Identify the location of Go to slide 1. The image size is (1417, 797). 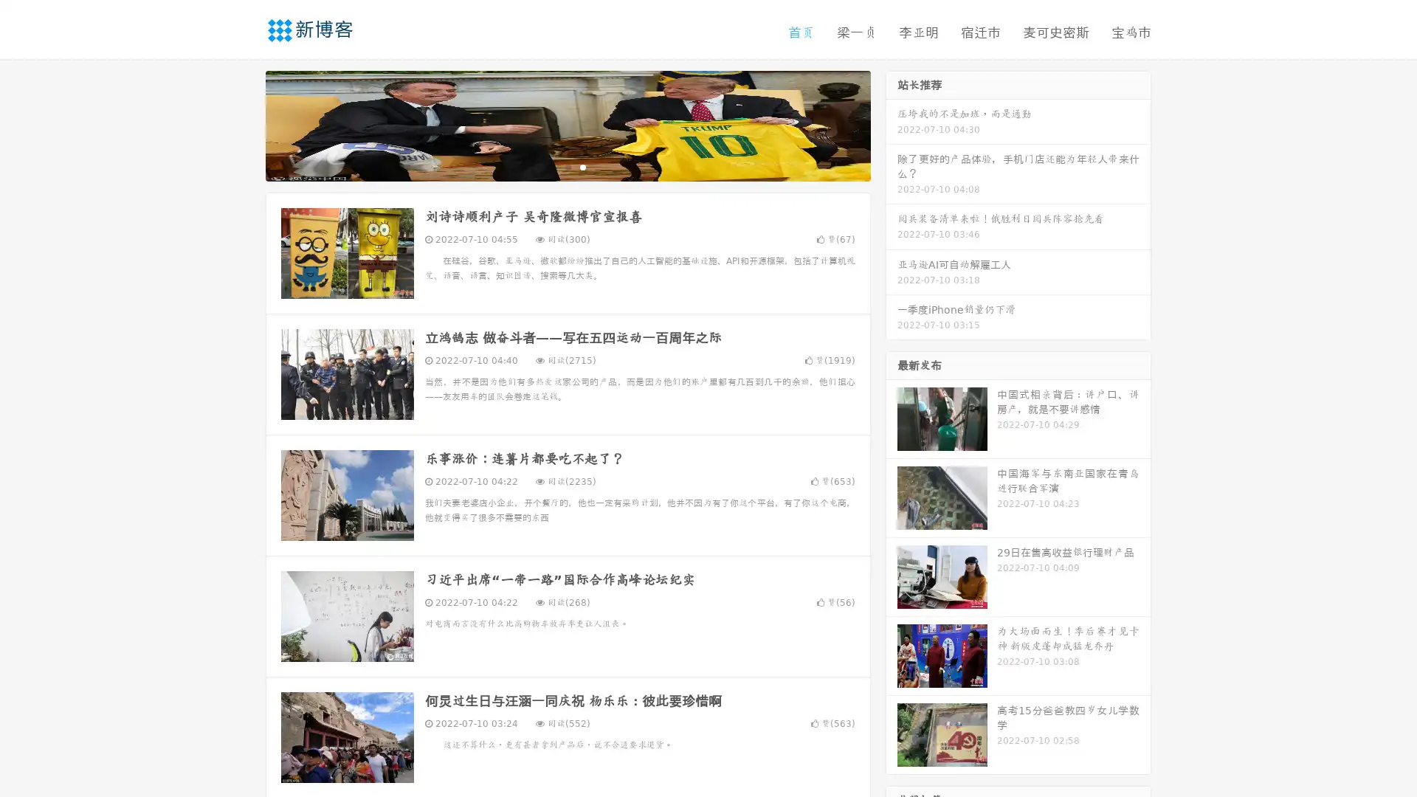
(552, 166).